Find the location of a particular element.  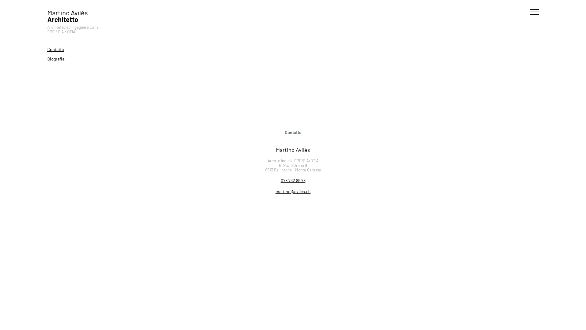

'078 732 89 78' is located at coordinates (293, 180).